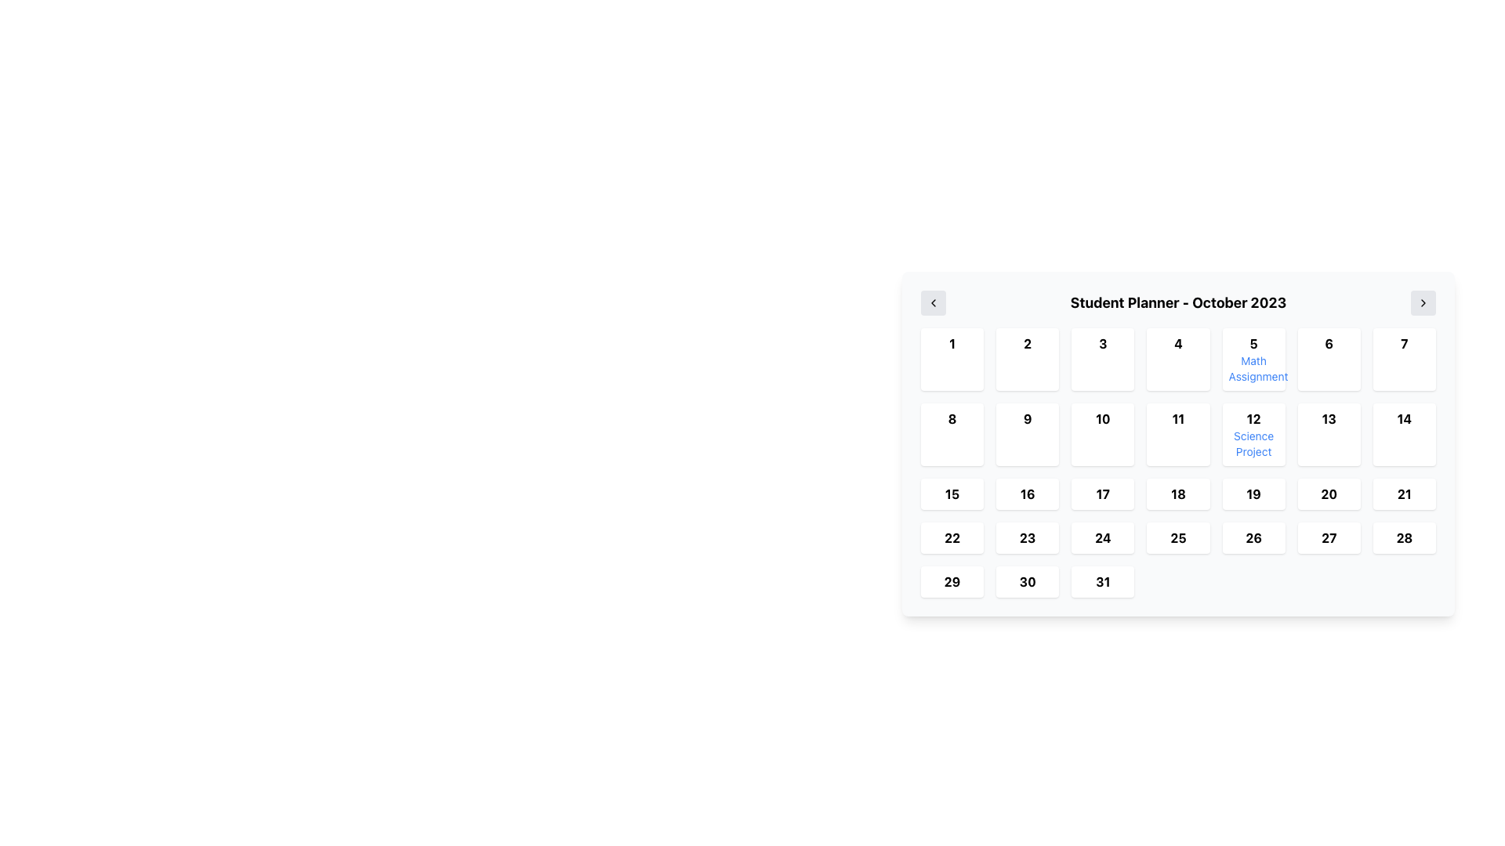  What do you see at coordinates (951, 494) in the screenshot?
I see `the static text label displaying the number '15' in the calendar grid, located in the first cell of the third row` at bounding box center [951, 494].